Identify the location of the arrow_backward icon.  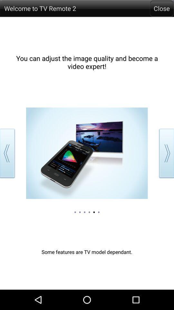
(8, 164).